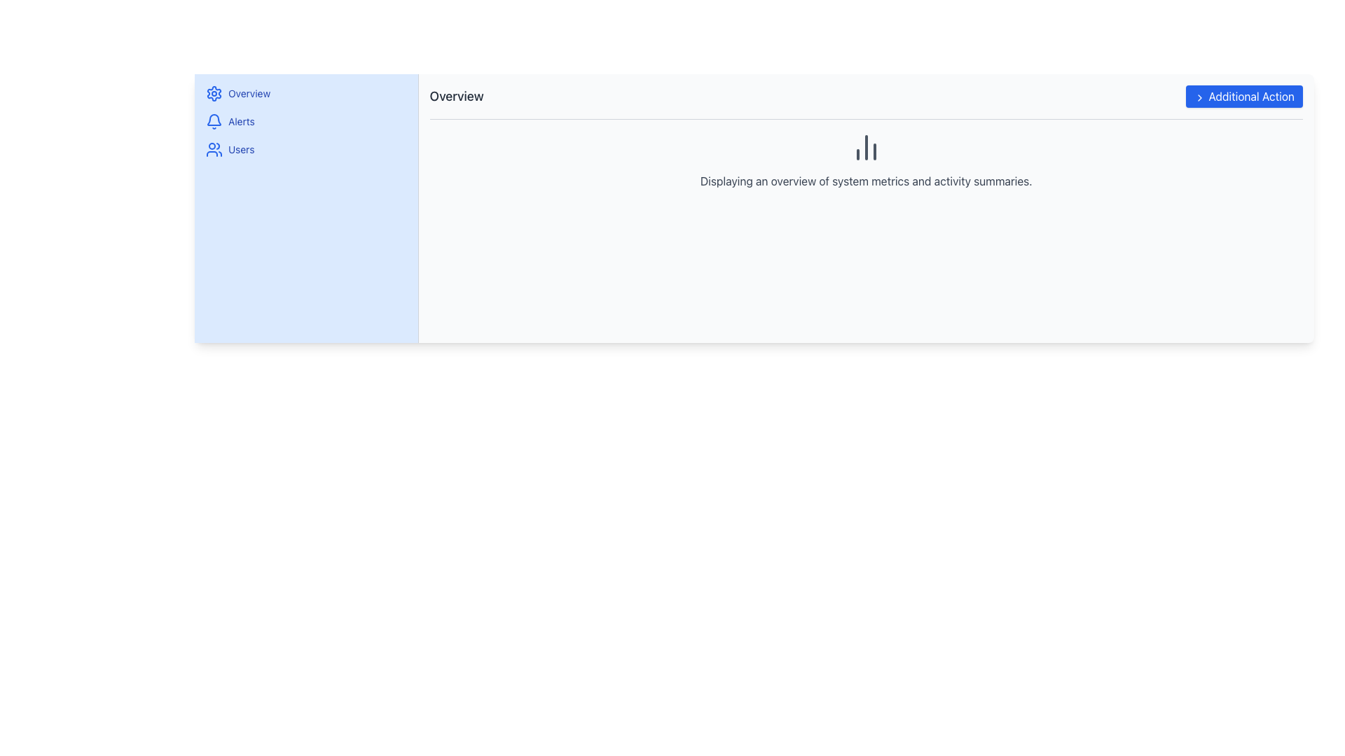 This screenshot has width=1345, height=756. What do you see at coordinates (249, 94) in the screenshot?
I see `the 'Overview' Text Label located in the first item of the navigation menu` at bounding box center [249, 94].